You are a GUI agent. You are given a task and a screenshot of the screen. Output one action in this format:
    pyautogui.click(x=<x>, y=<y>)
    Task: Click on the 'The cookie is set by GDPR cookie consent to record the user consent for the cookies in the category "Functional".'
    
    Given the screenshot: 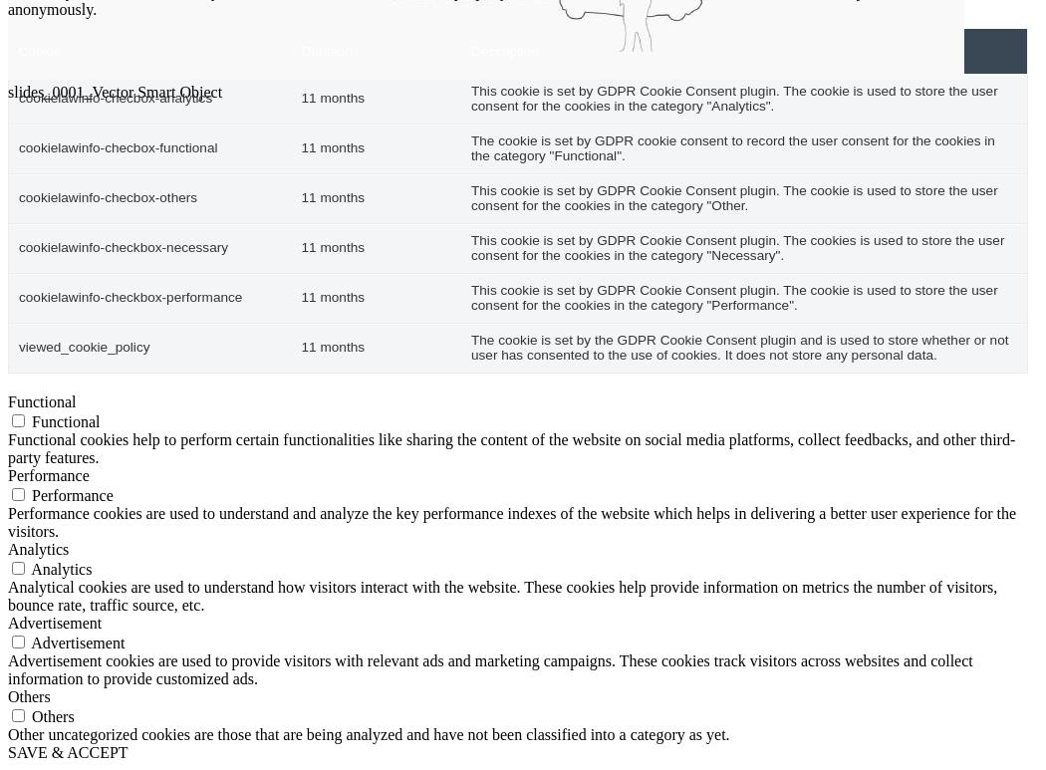 What is the action you would take?
    pyautogui.click(x=731, y=147)
    